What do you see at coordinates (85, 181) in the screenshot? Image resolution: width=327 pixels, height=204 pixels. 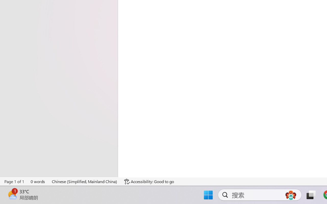 I see `'Language Chinese (Simplified, Mainland China)'` at bounding box center [85, 181].